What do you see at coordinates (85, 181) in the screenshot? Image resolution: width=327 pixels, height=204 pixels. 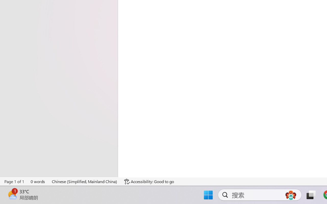 I see `'Language Chinese (Simplified, Mainland China)'` at bounding box center [85, 181].